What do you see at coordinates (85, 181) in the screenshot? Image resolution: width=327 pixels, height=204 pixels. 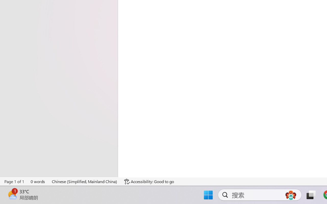 I see `'Language Chinese (Simplified, Mainland China)'` at bounding box center [85, 181].